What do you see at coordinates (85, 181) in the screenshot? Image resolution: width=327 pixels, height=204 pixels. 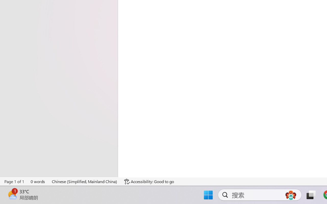 I see `'Language Chinese (Simplified, Mainland China)'` at bounding box center [85, 181].